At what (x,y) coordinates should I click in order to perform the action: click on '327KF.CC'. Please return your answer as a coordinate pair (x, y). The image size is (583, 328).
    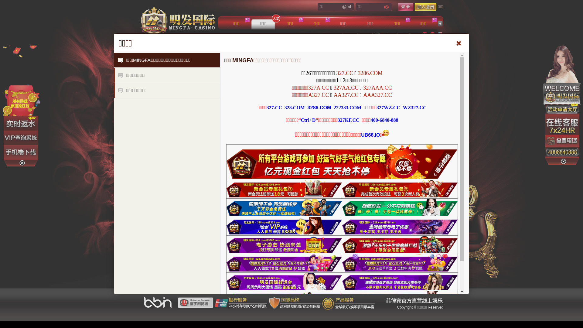
    Looking at the image, I should click on (348, 120).